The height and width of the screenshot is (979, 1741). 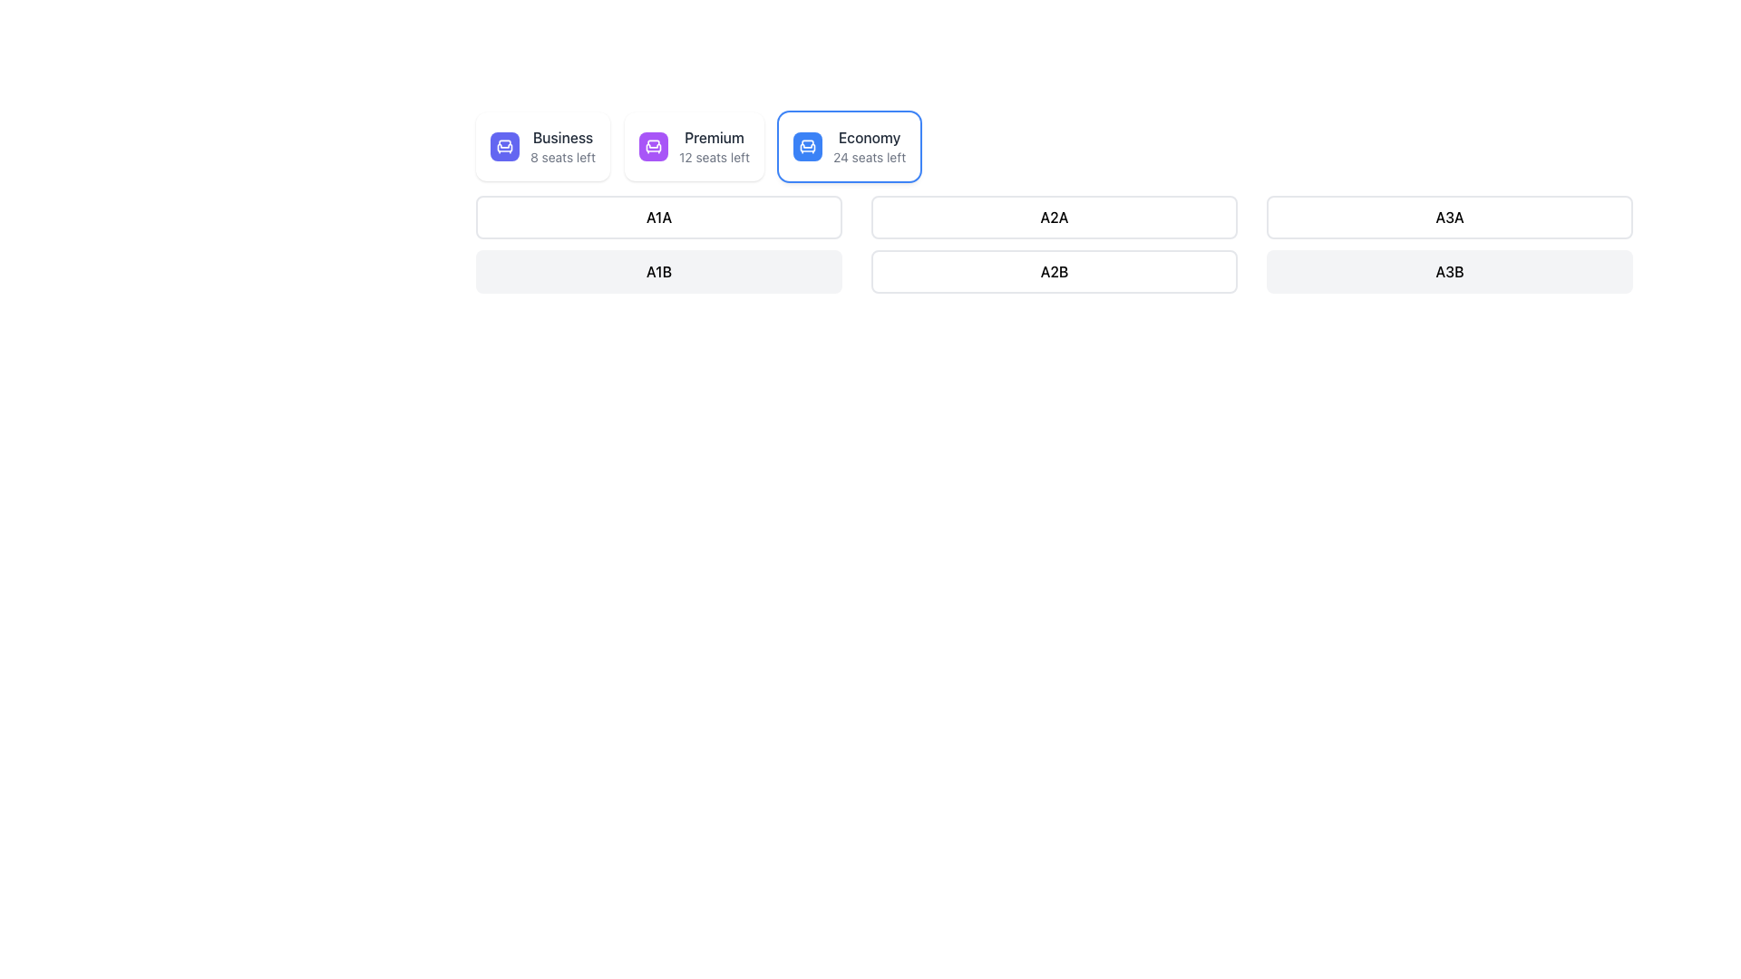 What do you see at coordinates (653, 147) in the screenshot?
I see `'Premium' cabin class logo icon, which is the second icon in a series of three icons located at the top area of the layout` at bounding box center [653, 147].